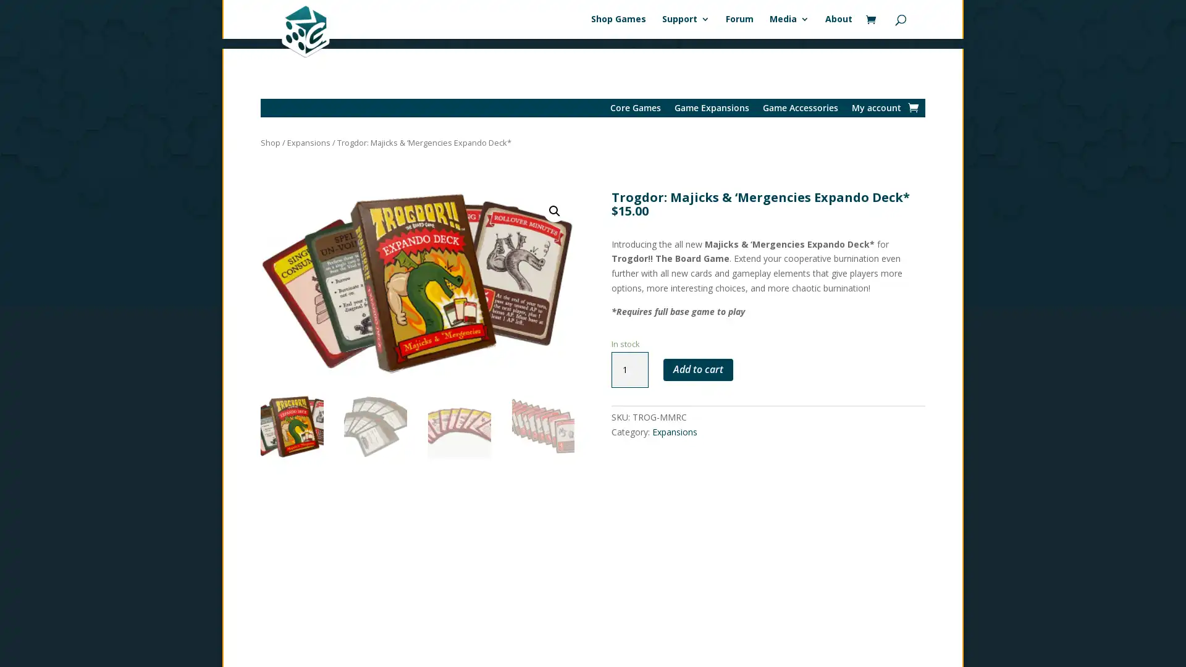 Image resolution: width=1186 pixels, height=667 pixels. I want to click on Add to cart, so click(697, 359).